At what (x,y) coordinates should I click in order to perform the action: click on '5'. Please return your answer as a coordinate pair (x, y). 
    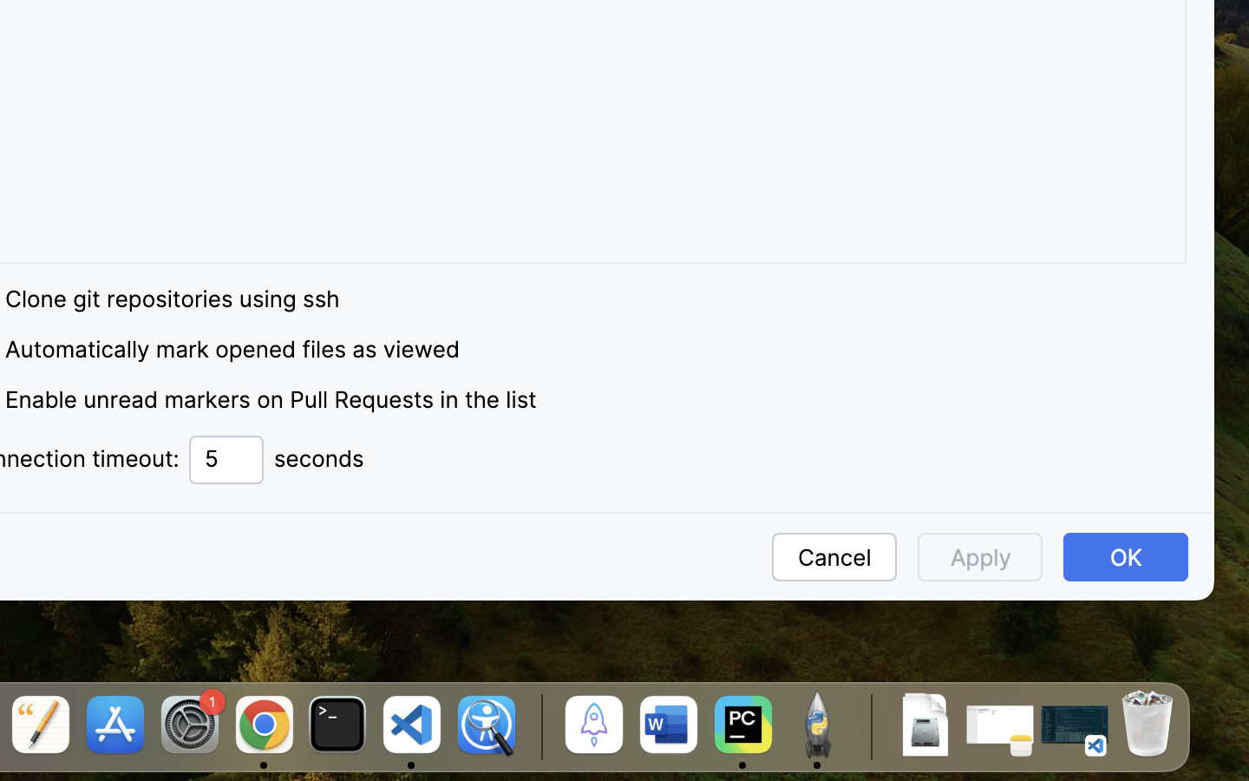
    Looking at the image, I should click on (226, 459).